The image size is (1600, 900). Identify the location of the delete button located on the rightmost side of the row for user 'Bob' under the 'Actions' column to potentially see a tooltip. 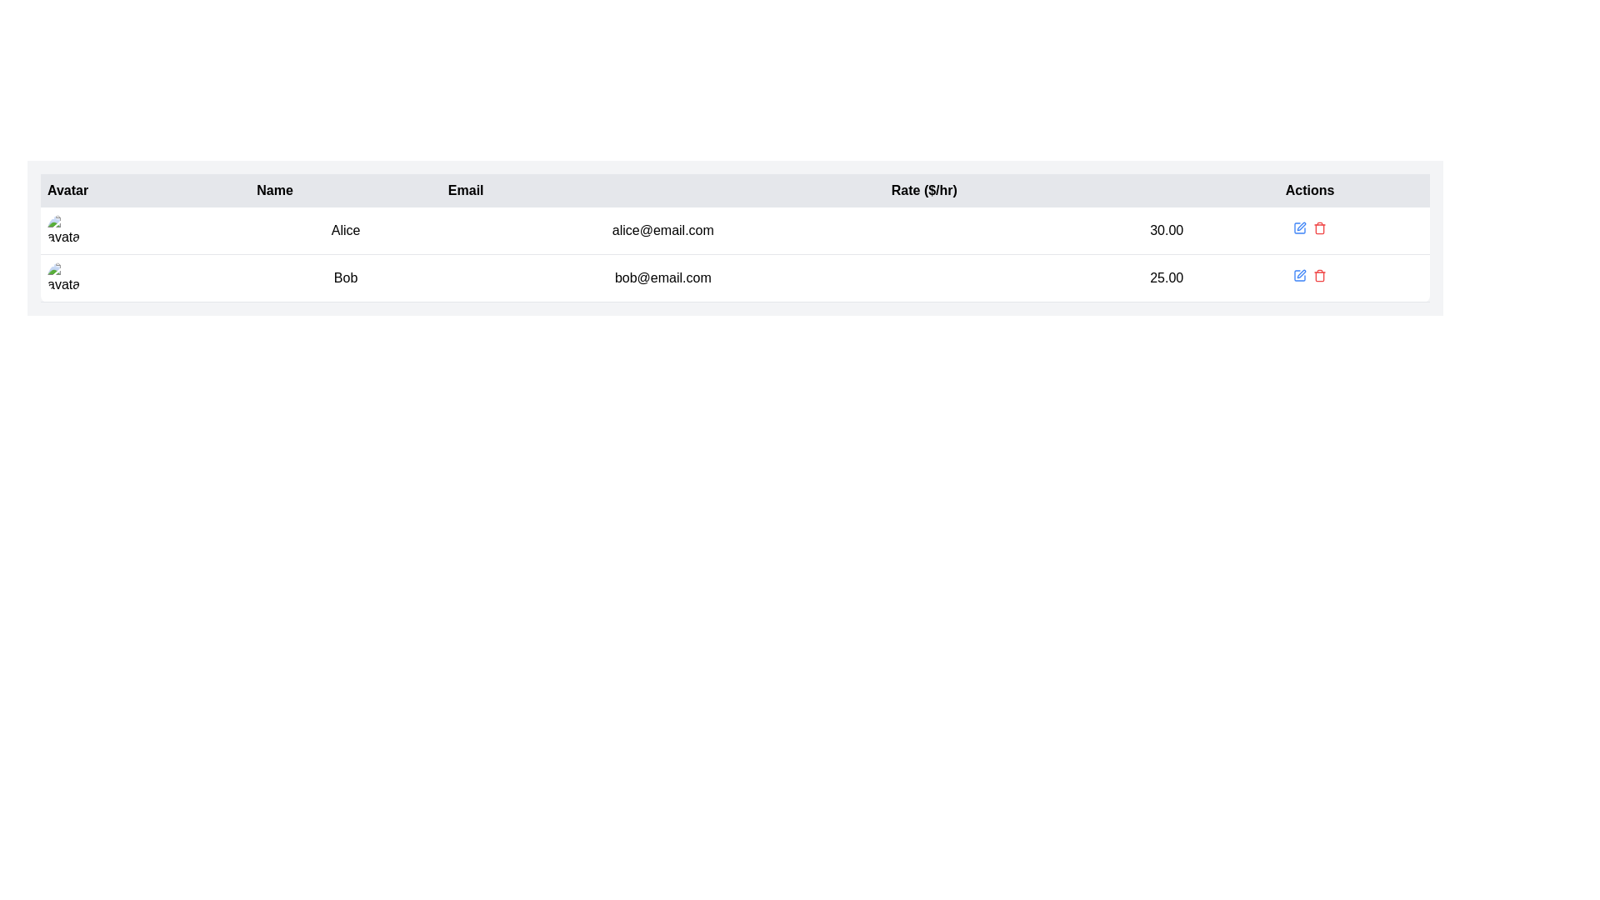
(1319, 275).